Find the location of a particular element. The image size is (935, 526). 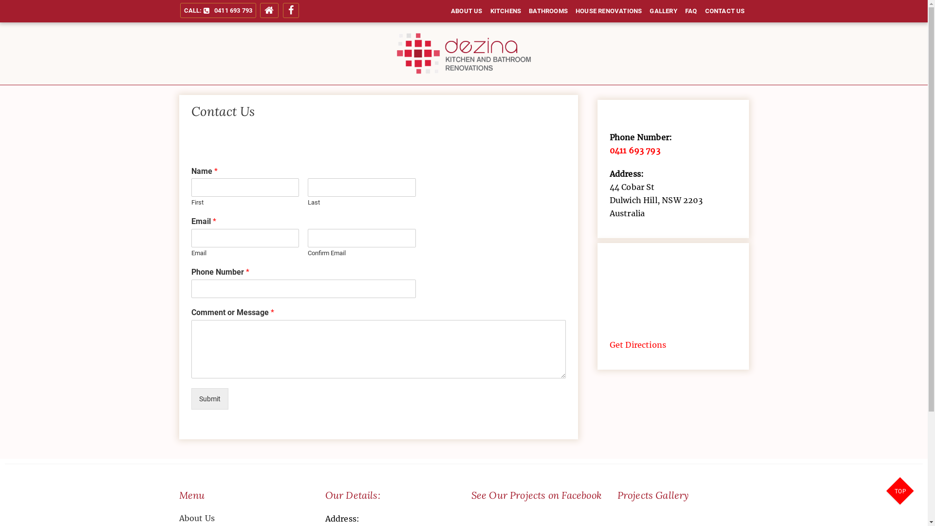

'Submit' is located at coordinates (209, 398).